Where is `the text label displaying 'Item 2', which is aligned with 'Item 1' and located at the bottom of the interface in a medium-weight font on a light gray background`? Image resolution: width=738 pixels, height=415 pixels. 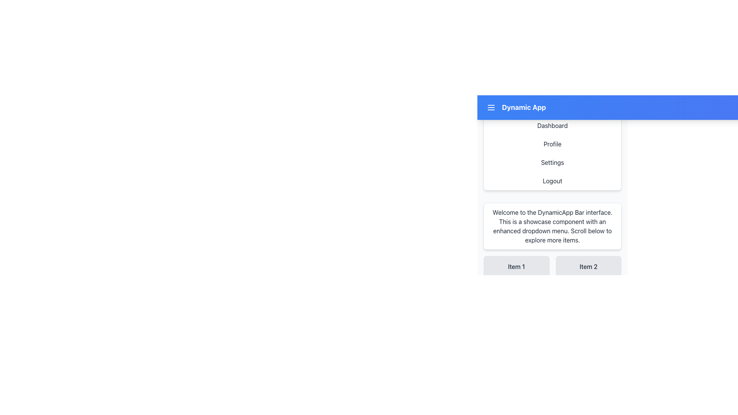
the text label displaying 'Item 2', which is aligned with 'Item 1' and located at the bottom of the interface in a medium-weight font on a light gray background is located at coordinates (588, 266).